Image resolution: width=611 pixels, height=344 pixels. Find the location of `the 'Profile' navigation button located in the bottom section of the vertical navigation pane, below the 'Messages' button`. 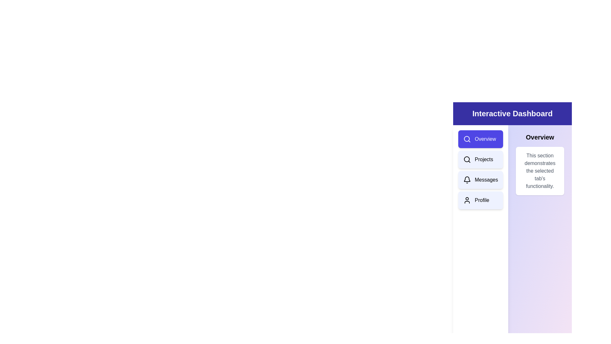

the 'Profile' navigation button located in the bottom section of the vertical navigation pane, below the 'Messages' button is located at coordinates (482, 200).